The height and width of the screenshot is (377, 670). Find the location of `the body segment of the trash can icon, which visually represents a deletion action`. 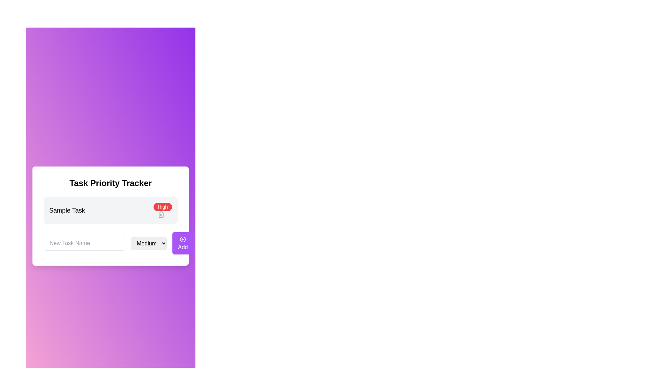

the body segment of the trash can icon, which visually represents a deletion action is located at coordinates (161, 215).